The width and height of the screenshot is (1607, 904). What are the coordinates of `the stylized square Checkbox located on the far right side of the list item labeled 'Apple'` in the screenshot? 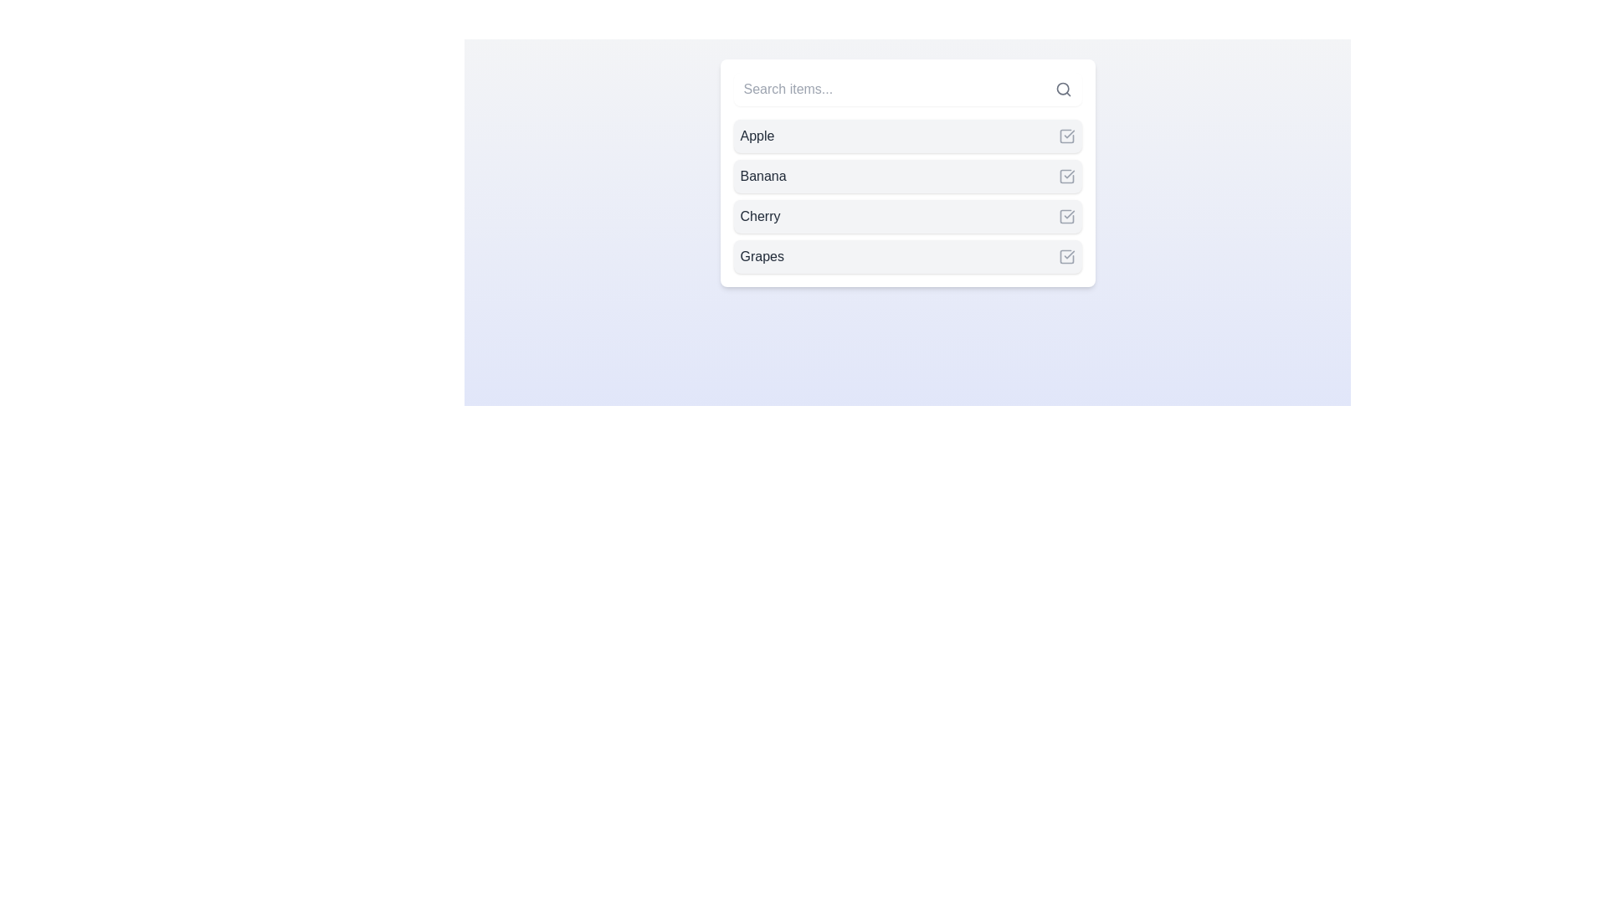 It's located at (1065, 135).